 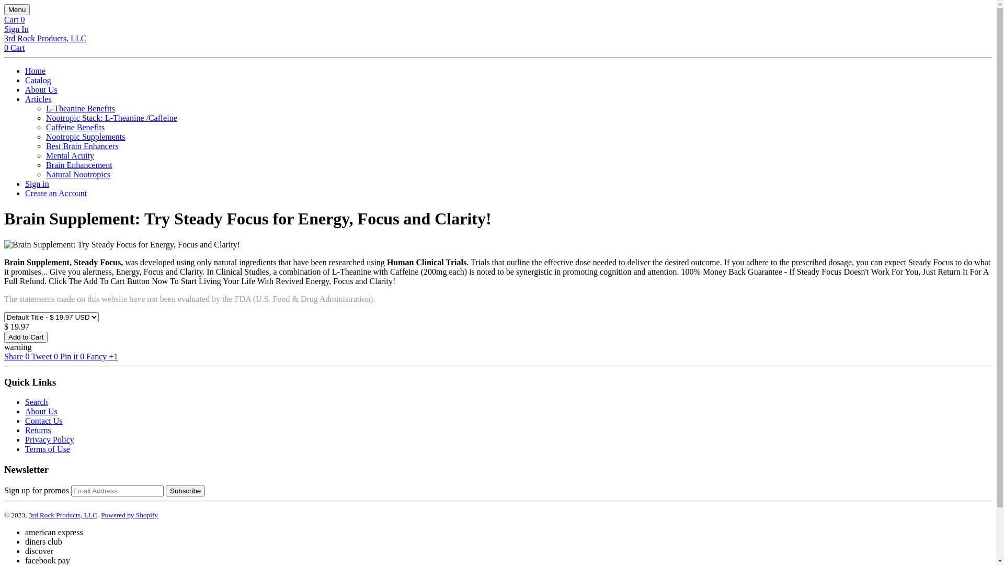 What do you see at coordinates (49, 439) in the screenshot?
I see `'Privacy Policy'` at bounding box center [49, 439].